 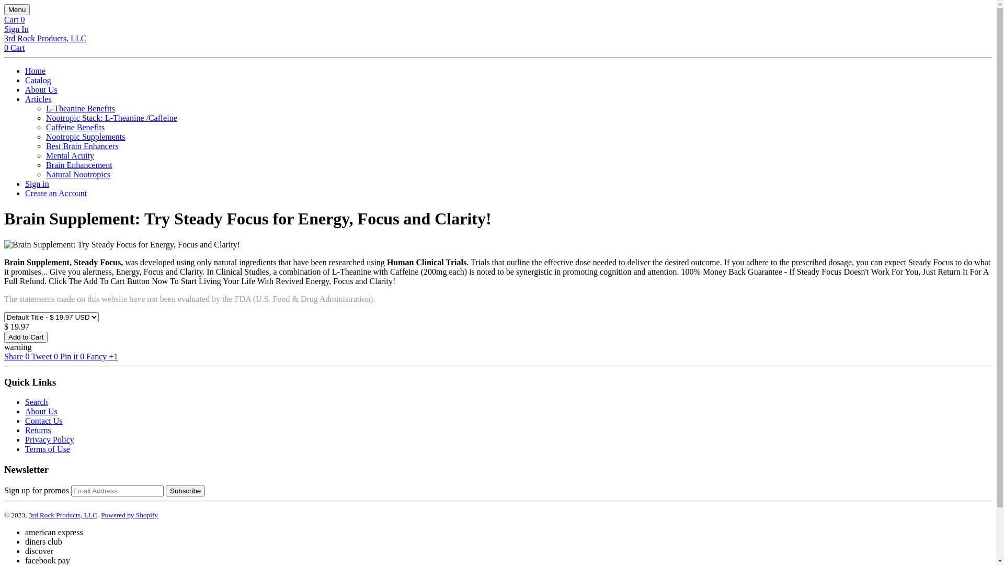 What do you see at coordinates (49, 439) in the screenshot?
I see `'Privacy Policy'` at bounding box center [49, 439].